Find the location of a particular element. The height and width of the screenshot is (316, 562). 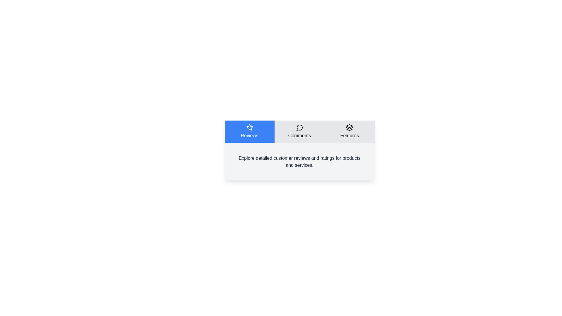

the Features tab to read its content is located at coordinates (349, 132).